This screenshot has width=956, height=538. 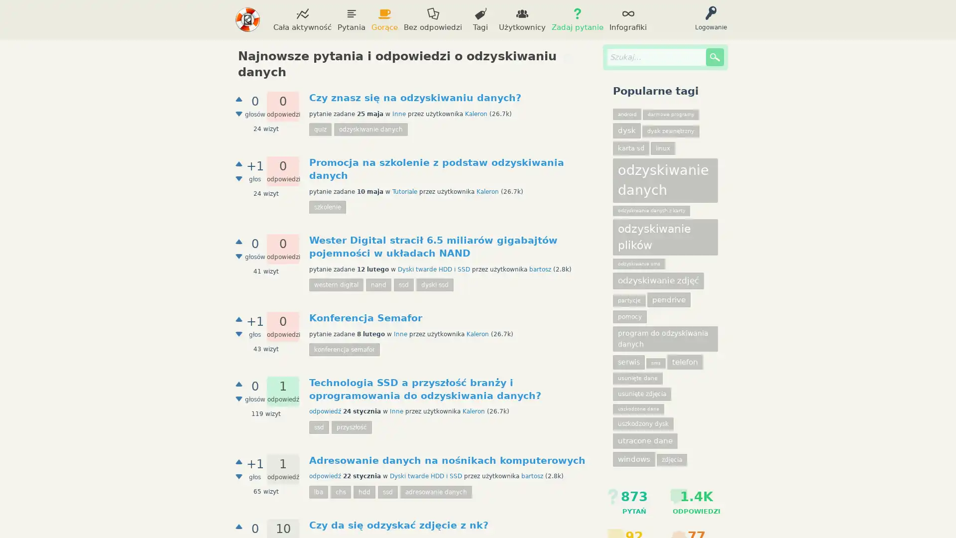 What do you see at coordinates (239, 99) in the screenshot?
I see `+` at bounding box center [239, 99].